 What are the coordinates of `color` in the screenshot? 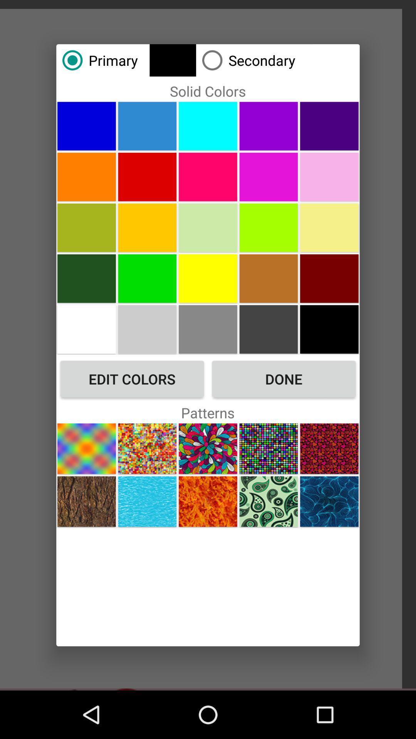 It's located at (147, 126).